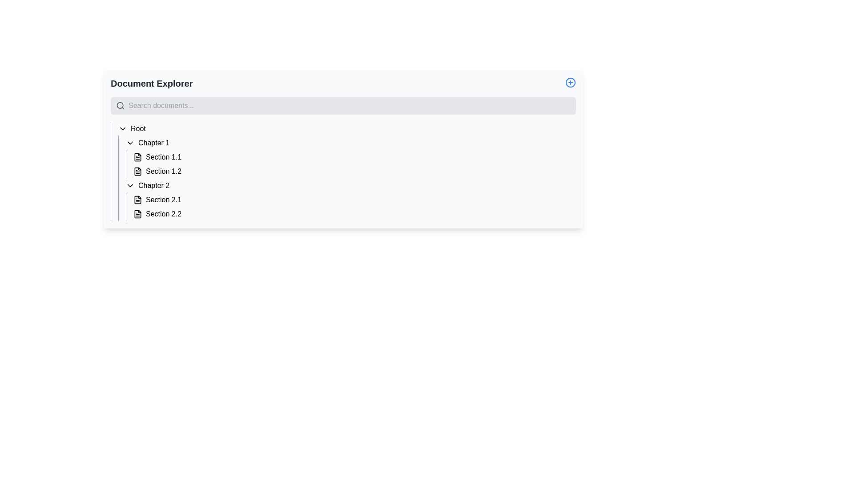 This screenshot has width=854, height=480. Describe the element at coordinates (570, 82) in the screenshot. I see `the SVG Circle that is part of the plus-circle icon located in the top right corner of the interface` at that location.